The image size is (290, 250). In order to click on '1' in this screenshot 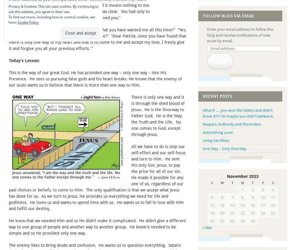, I will do `click(241, 189)`.